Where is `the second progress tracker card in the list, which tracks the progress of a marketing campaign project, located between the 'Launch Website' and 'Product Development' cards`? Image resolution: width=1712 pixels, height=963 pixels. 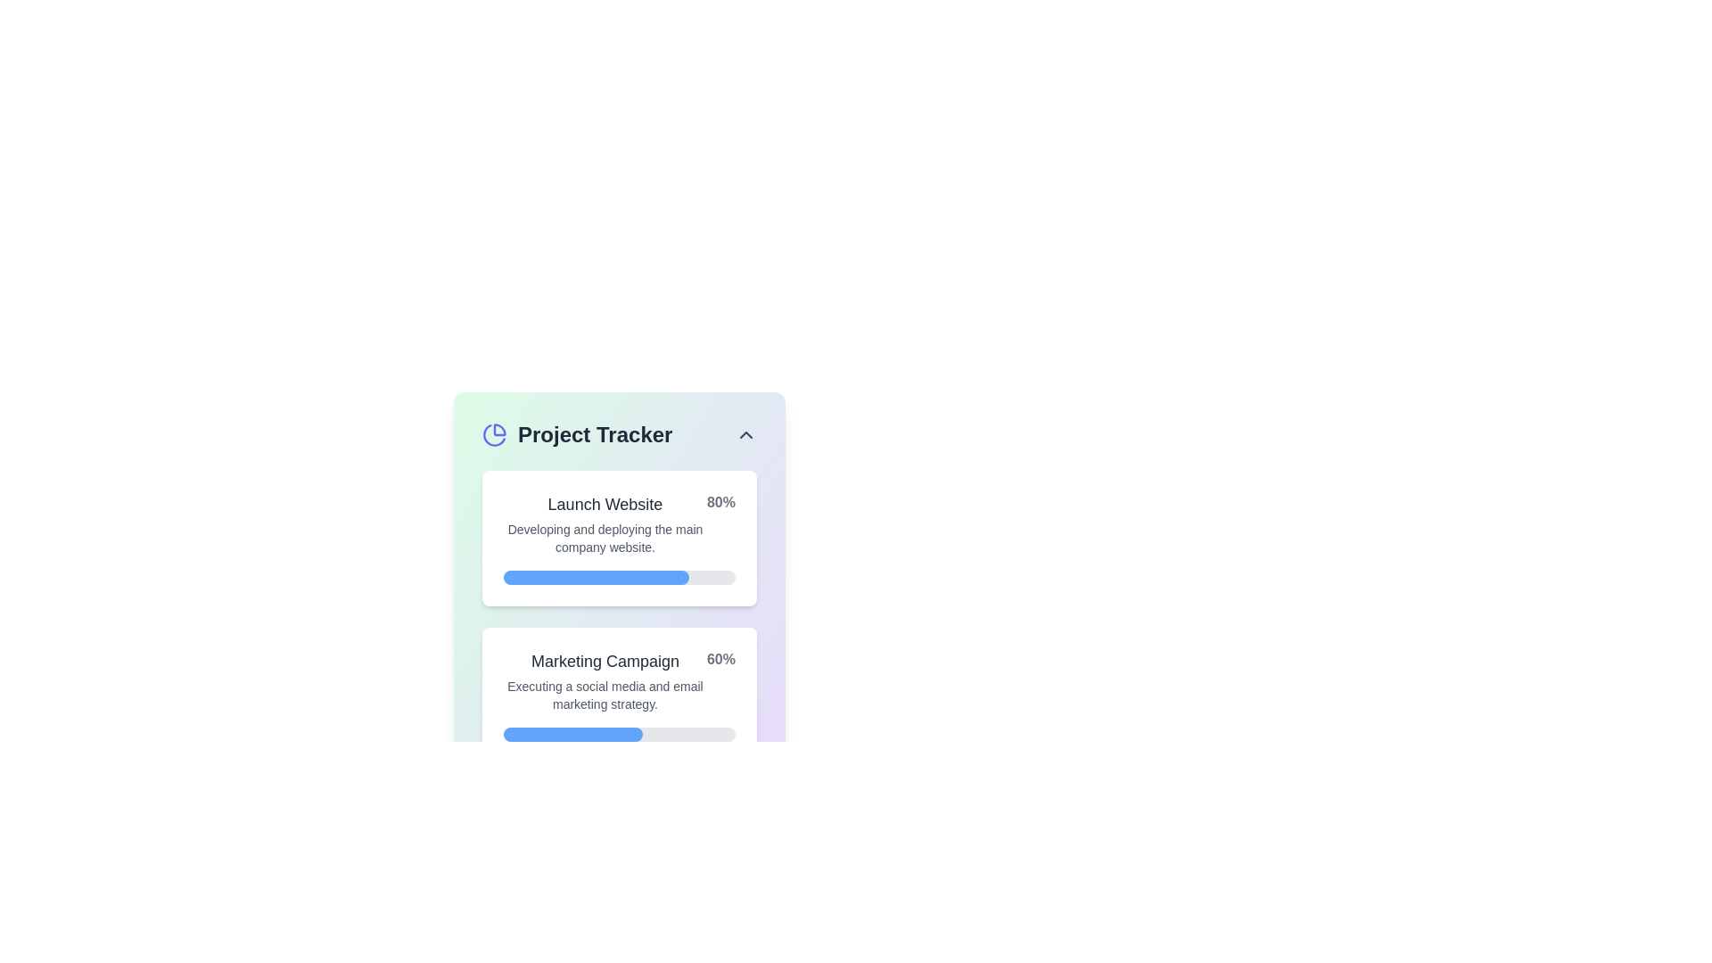 the second progress tracker card in the list, which tracks the progress of a marketing campaign project, located between the 'Launch Website' and 'Product Development' cards is located at coordinates (620, 694).